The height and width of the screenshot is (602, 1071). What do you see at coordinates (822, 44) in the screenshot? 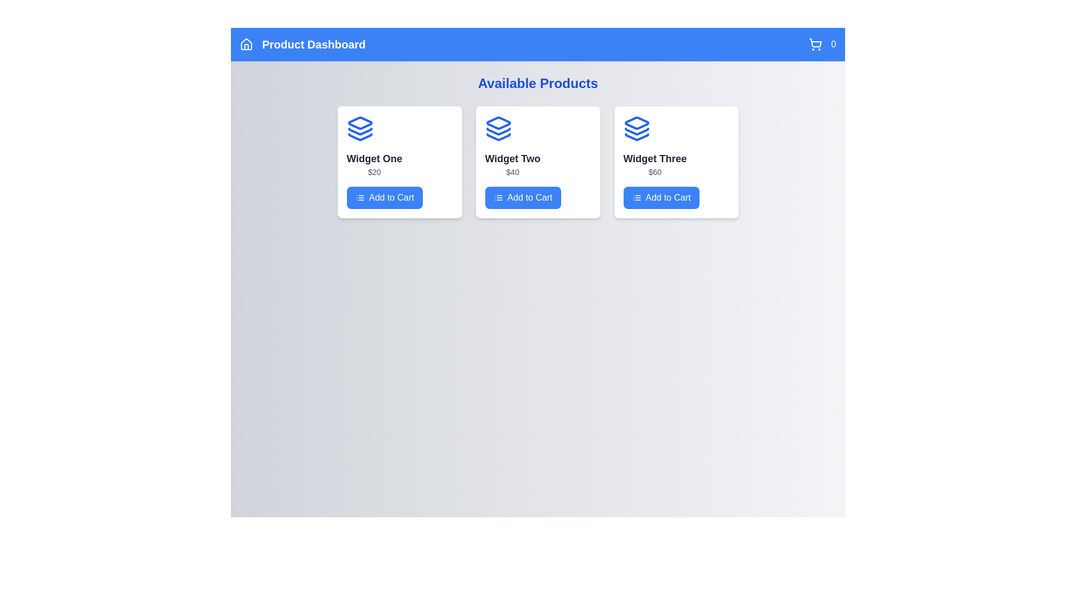
I see `the shopping cart icon with the numeric indication showing '0' on the far-right side of the blue header bar` at bounding box center [822, 44].